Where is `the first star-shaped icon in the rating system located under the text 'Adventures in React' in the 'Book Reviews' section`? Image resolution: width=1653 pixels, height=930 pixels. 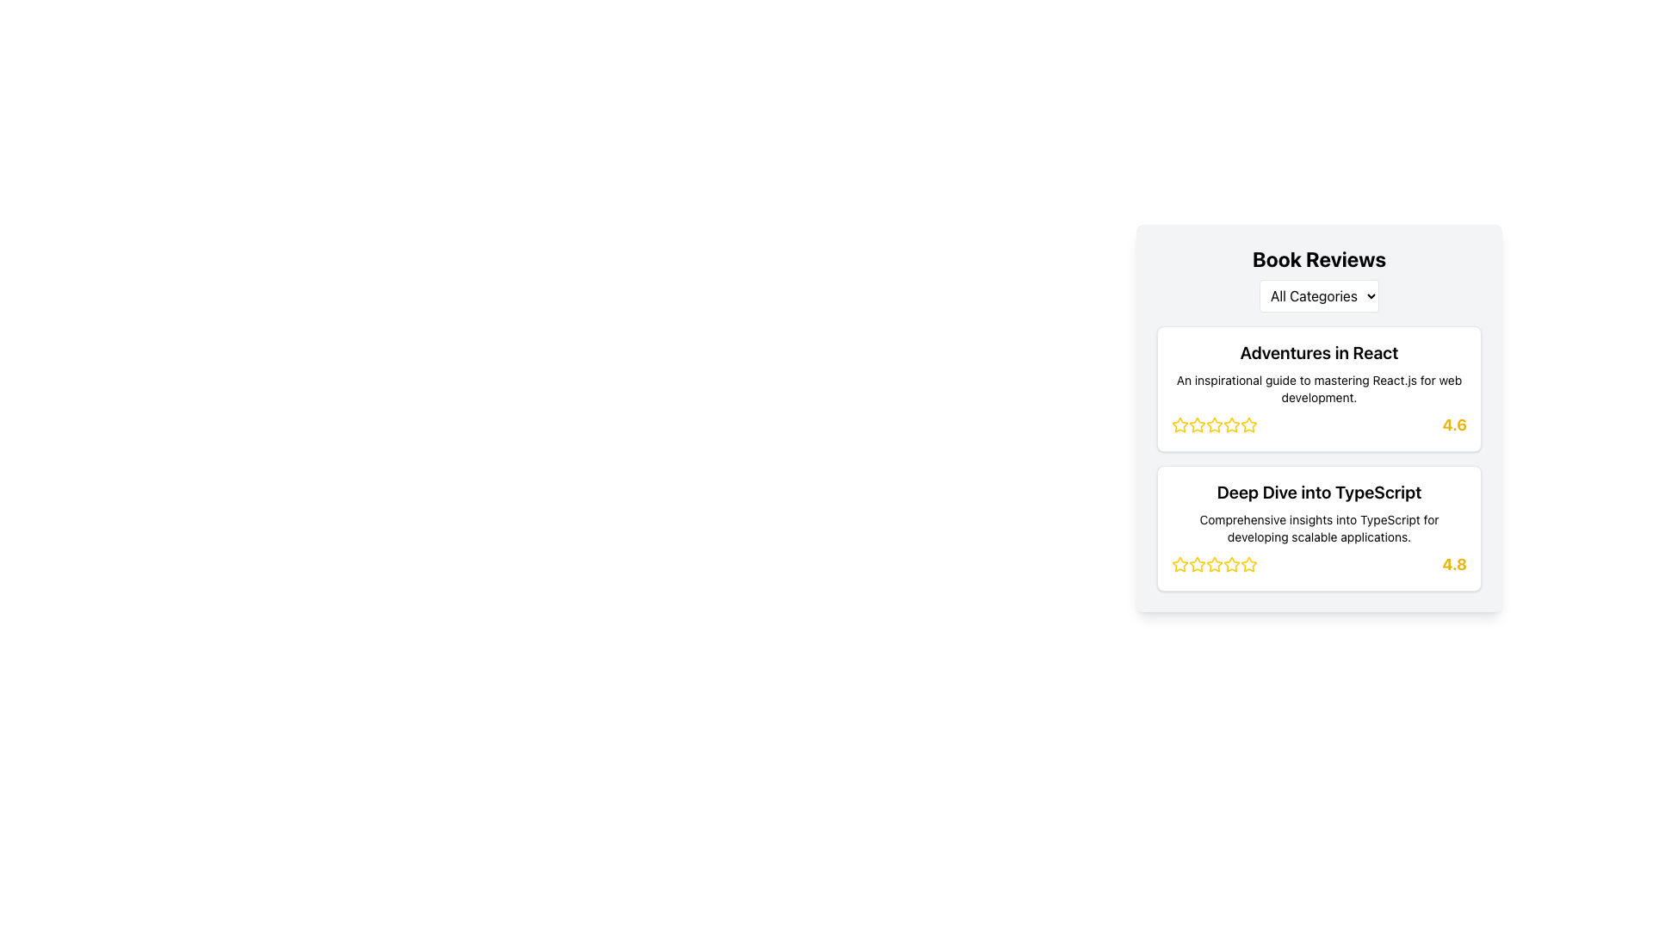
the first star-shaped icon in the rating system located under the text 'Adventures in React' in the 'Book Reviews' section is located at coordinates (1197, 425).